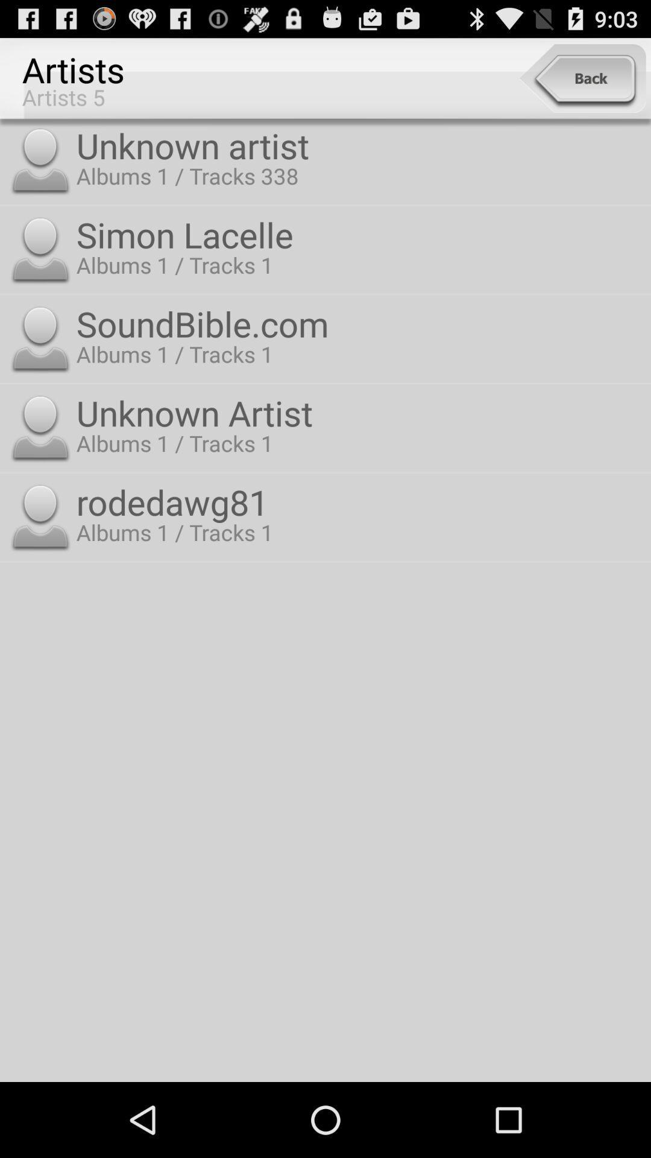  I want to click on soundbible.com icon, so click(360, 323).